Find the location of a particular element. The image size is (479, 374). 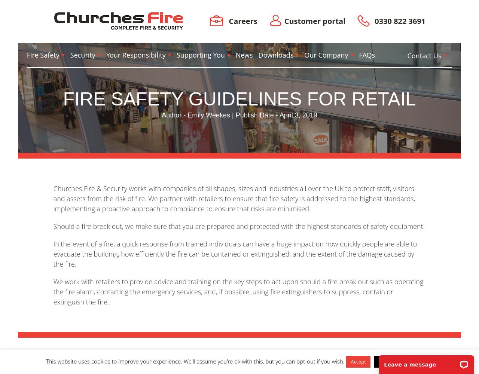

'News' is located at coordinates (244, 55).